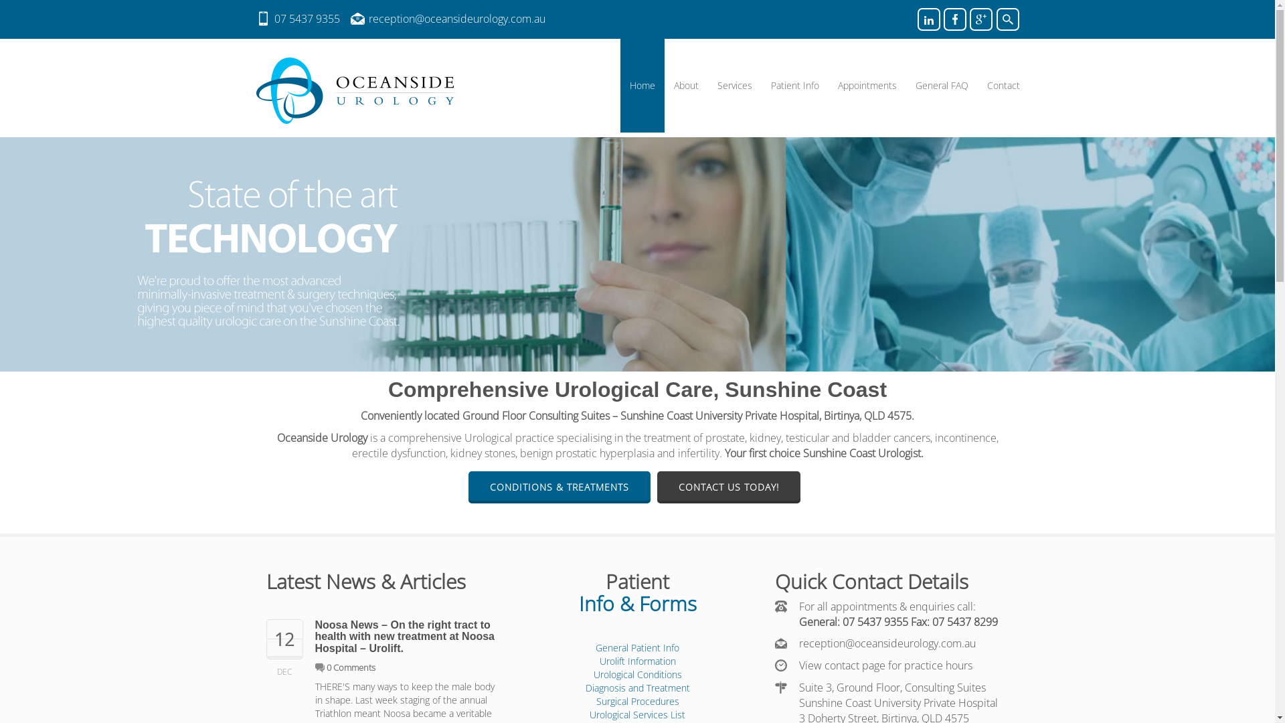 This screenshot has width=1285, height=723. I want to click on 'CONDITIONS & TREATMENTS', so click(559, 487).